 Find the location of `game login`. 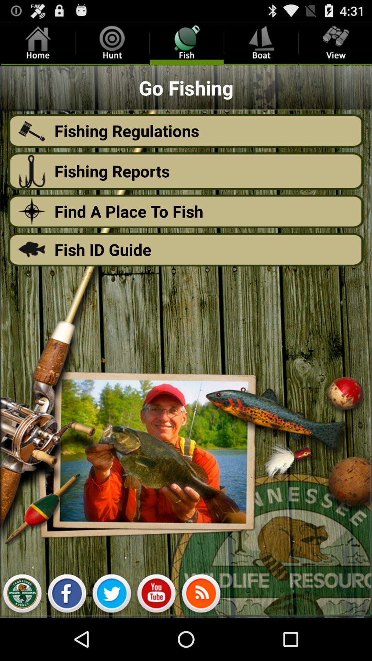

game login is located at coordinates (22, 595).